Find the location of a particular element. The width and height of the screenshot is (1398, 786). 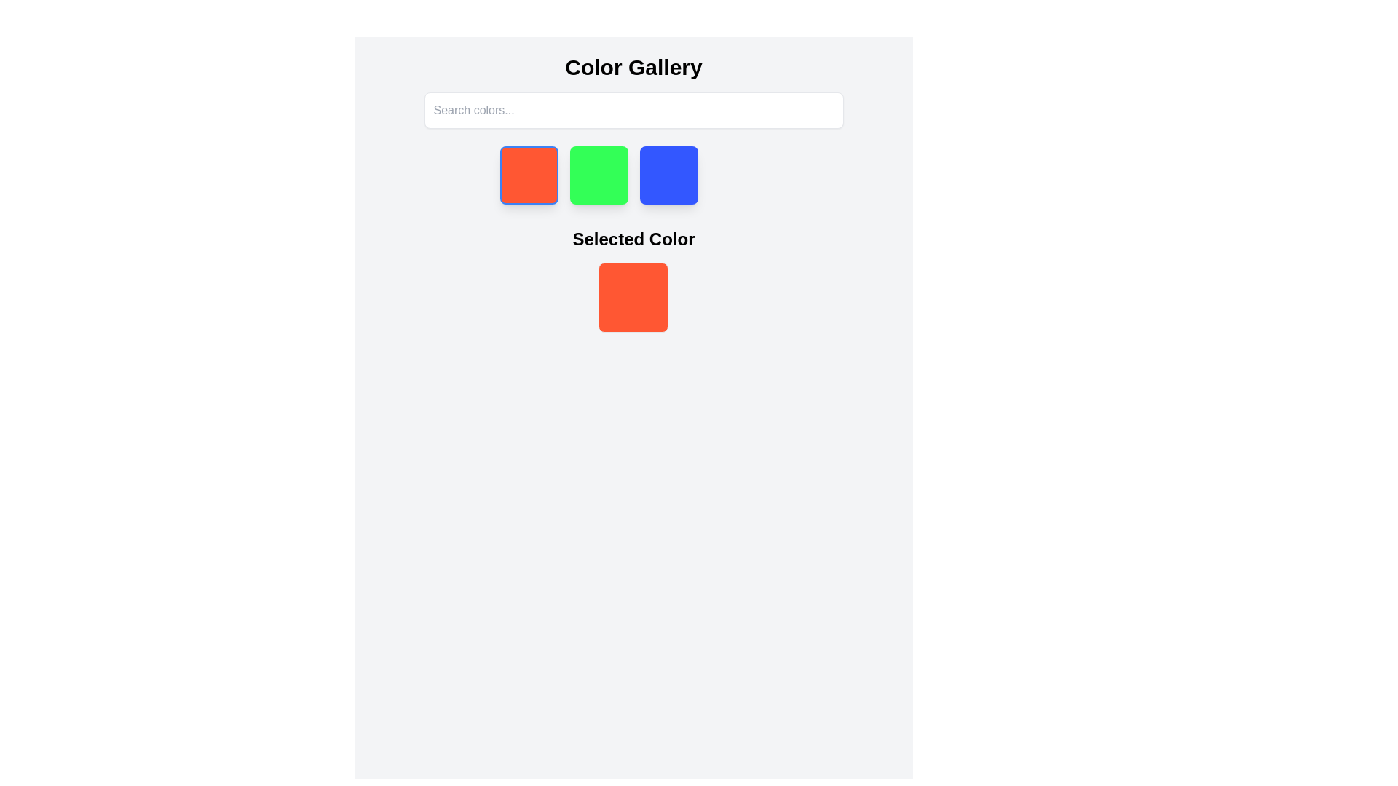

the vibrant orange-red Display box with rounded corners located beneath the 'Selected Color' text is located at coordinates (633, 296).